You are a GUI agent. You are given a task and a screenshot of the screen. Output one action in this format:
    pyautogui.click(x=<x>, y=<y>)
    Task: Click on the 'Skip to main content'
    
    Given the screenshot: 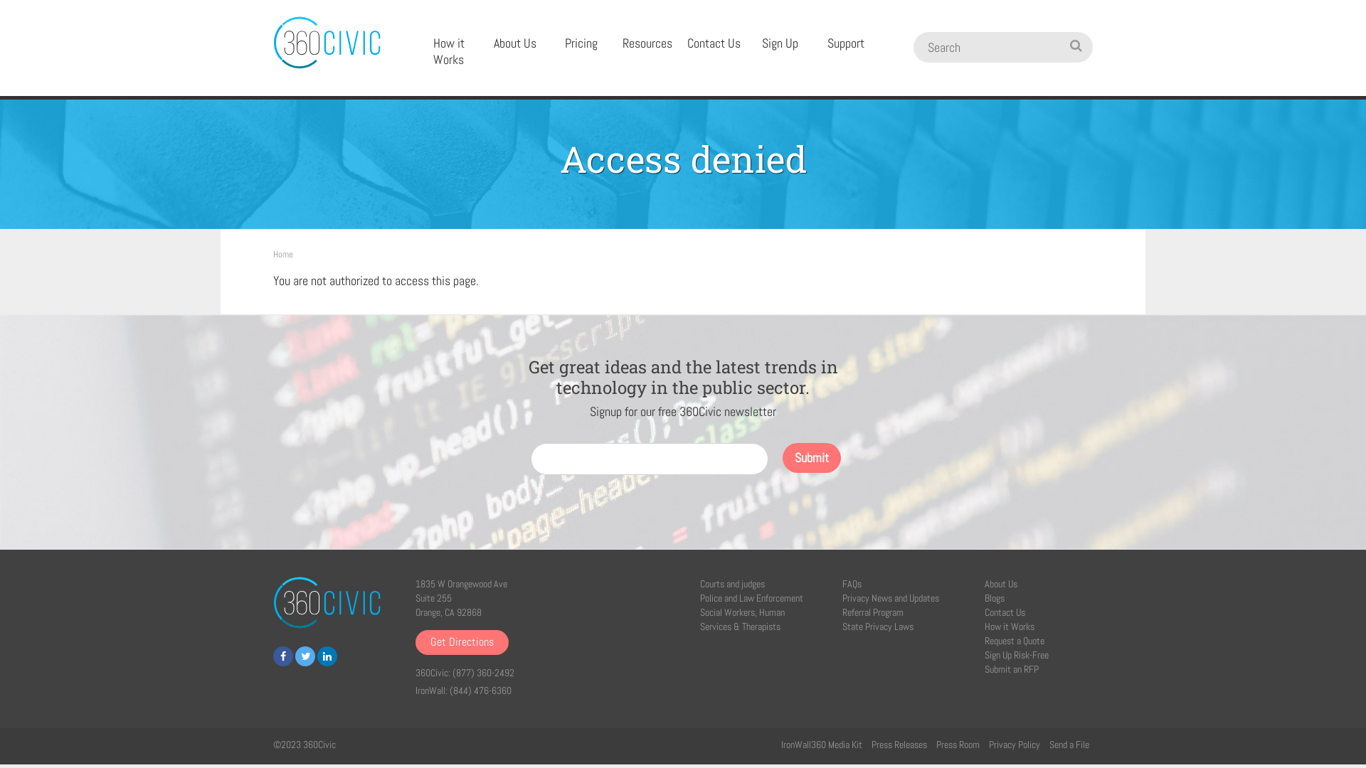 What is the action you would take?
    pyautogui.click(x=0, y=0)
    